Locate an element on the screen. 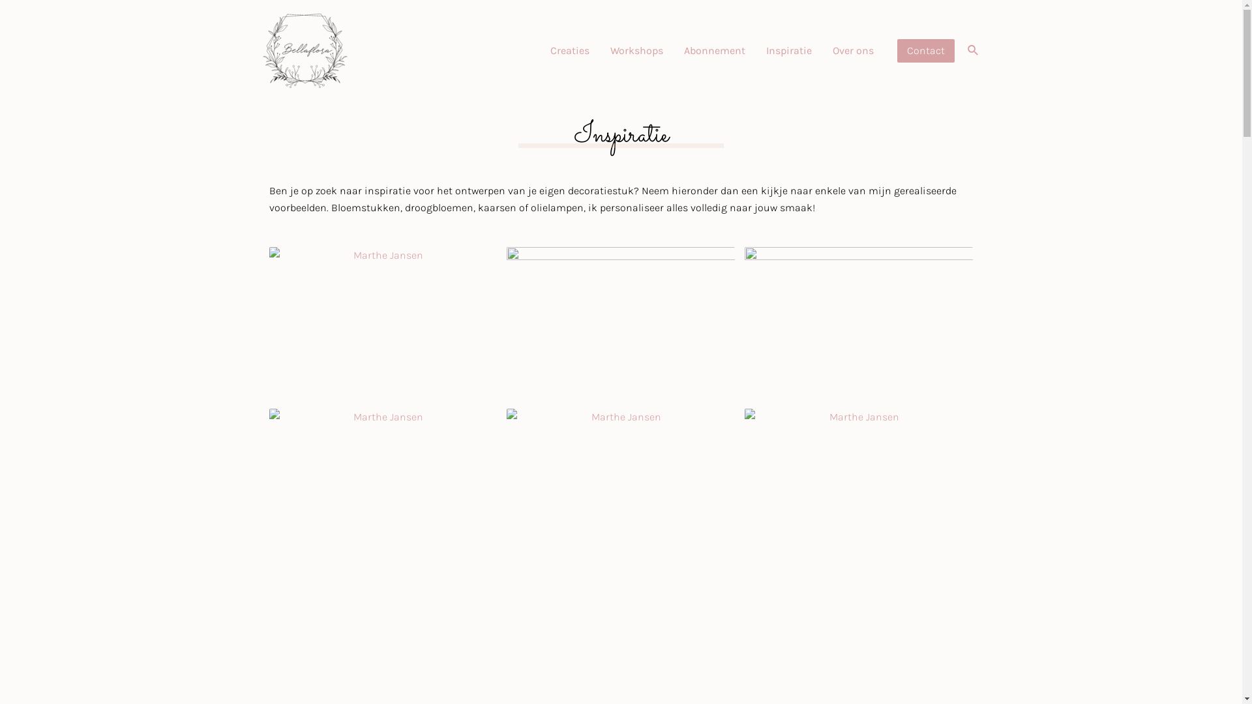 The image size is (1252, 704). 'Zoeken' is located at coordinates (973, 50).